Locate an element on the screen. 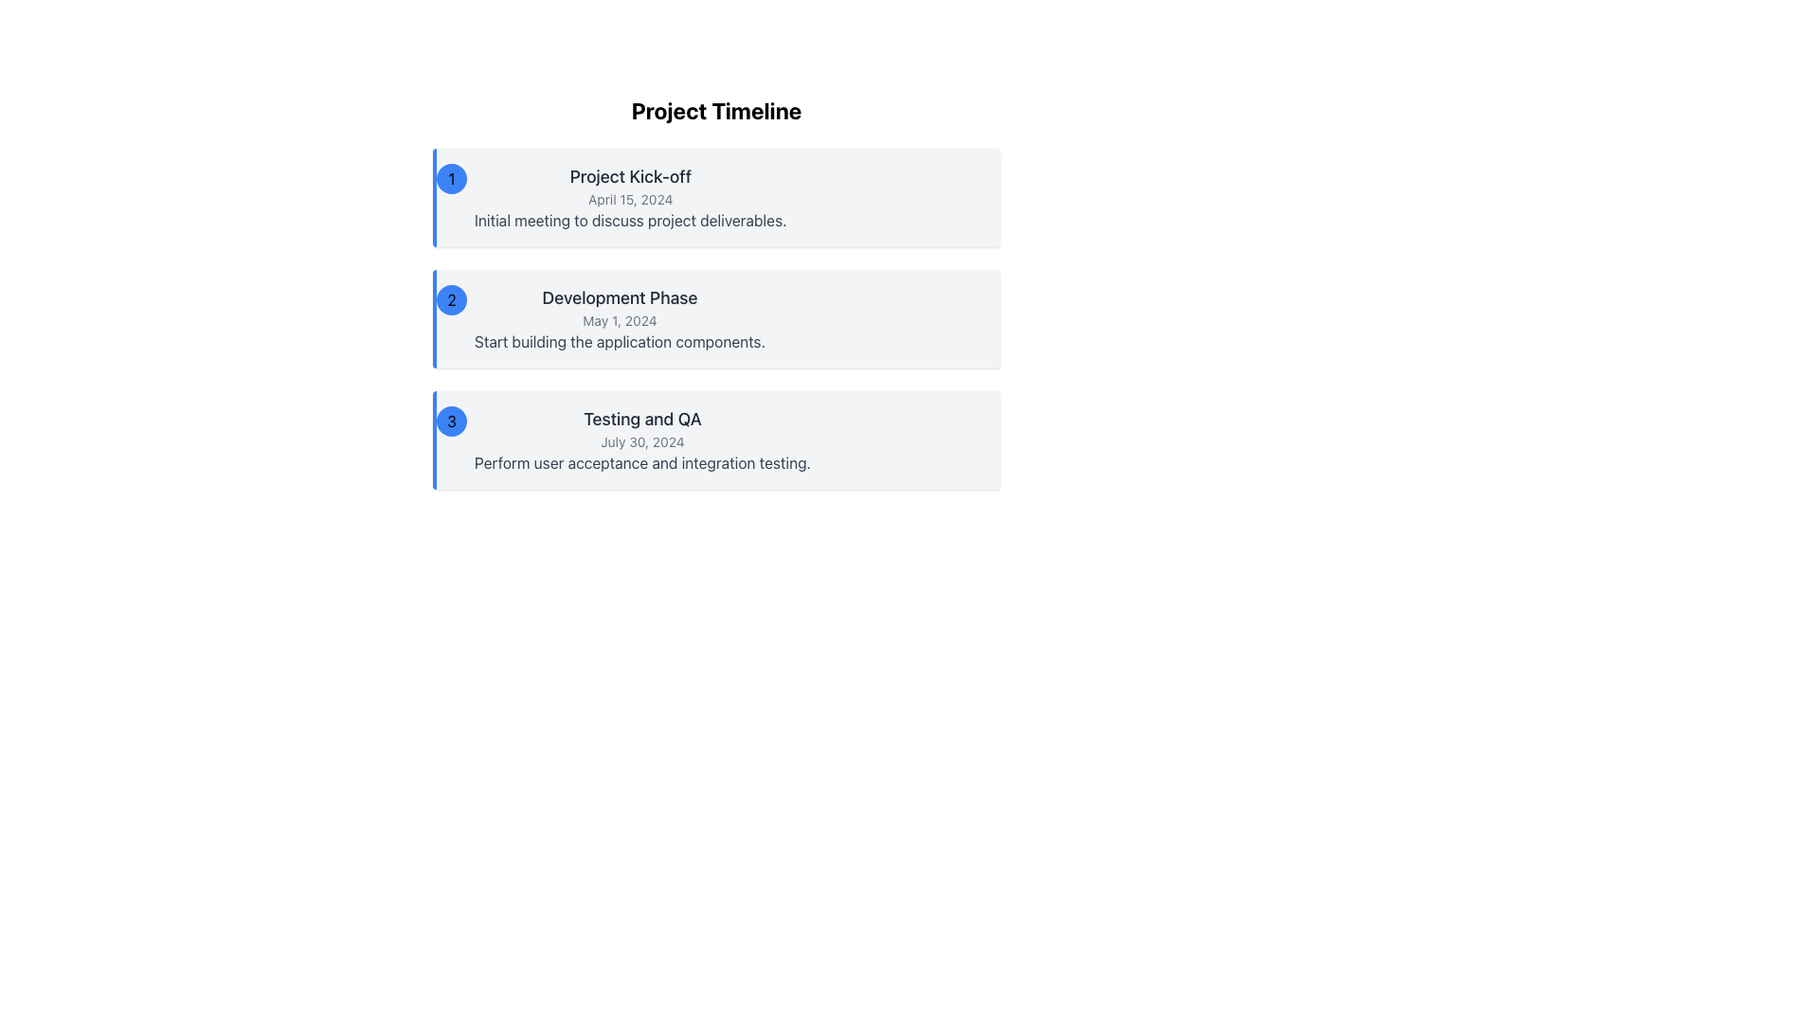 This screenshot has width=1819, height=1023. the text label that serves as the title for the initial meeting section in the project timeline is located at coordinates (630, 176).